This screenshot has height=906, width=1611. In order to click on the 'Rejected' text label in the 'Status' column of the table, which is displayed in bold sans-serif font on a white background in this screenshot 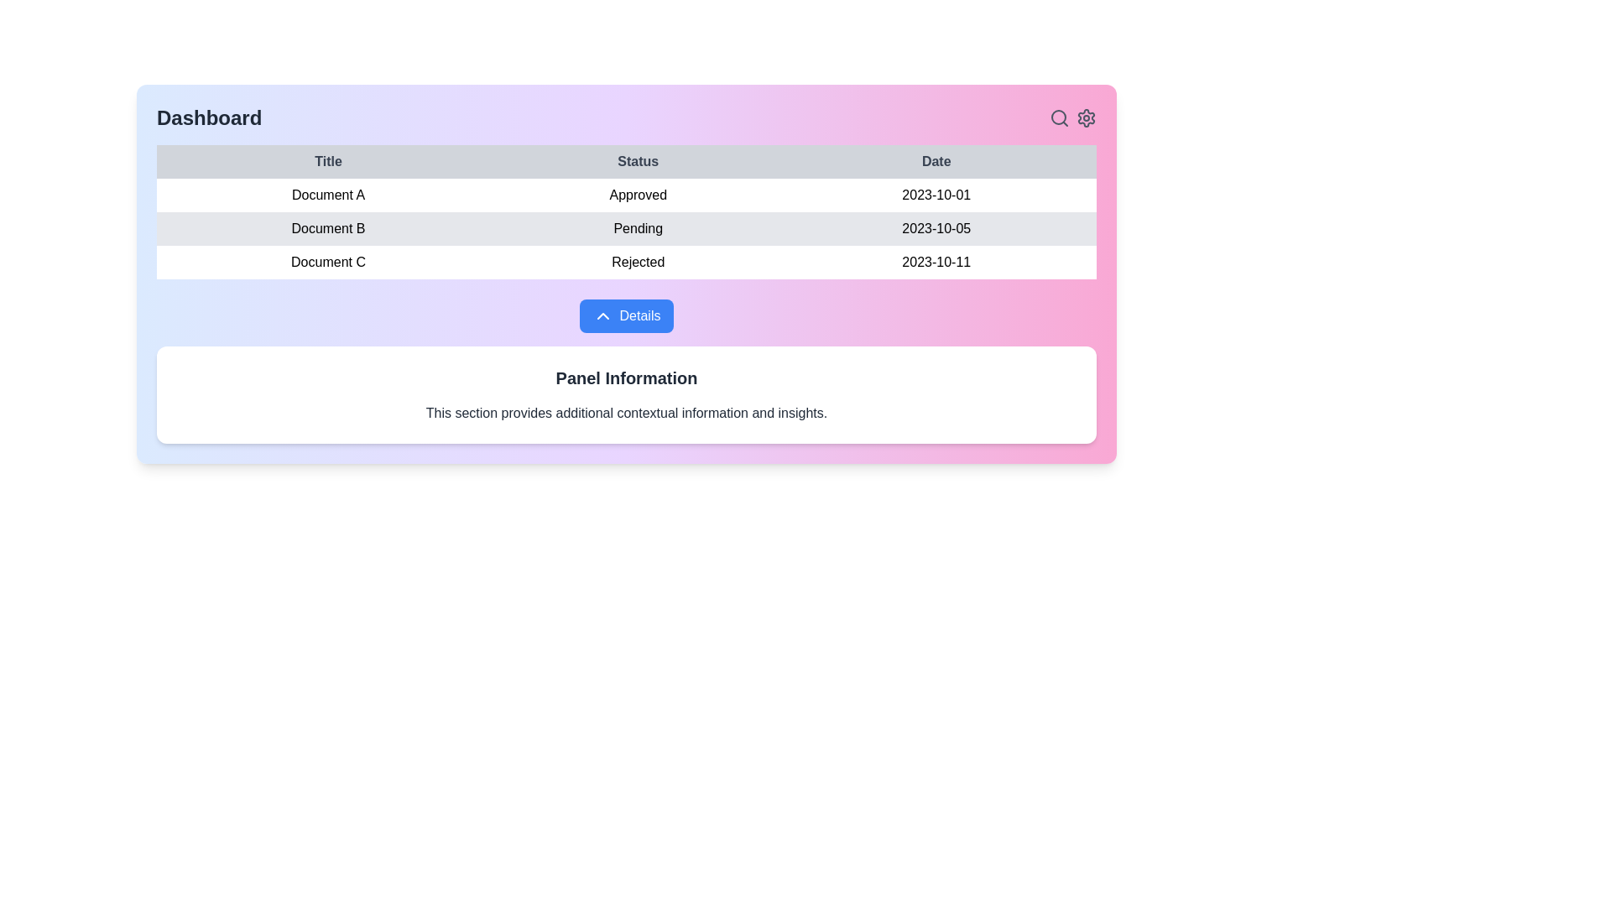, I will do `click(637, 262)`.